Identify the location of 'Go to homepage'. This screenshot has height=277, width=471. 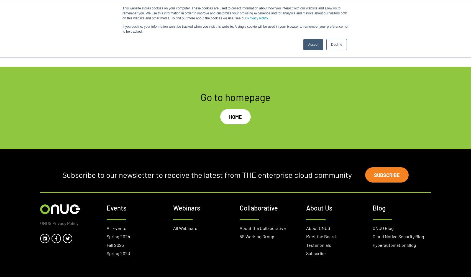
(235, 96).